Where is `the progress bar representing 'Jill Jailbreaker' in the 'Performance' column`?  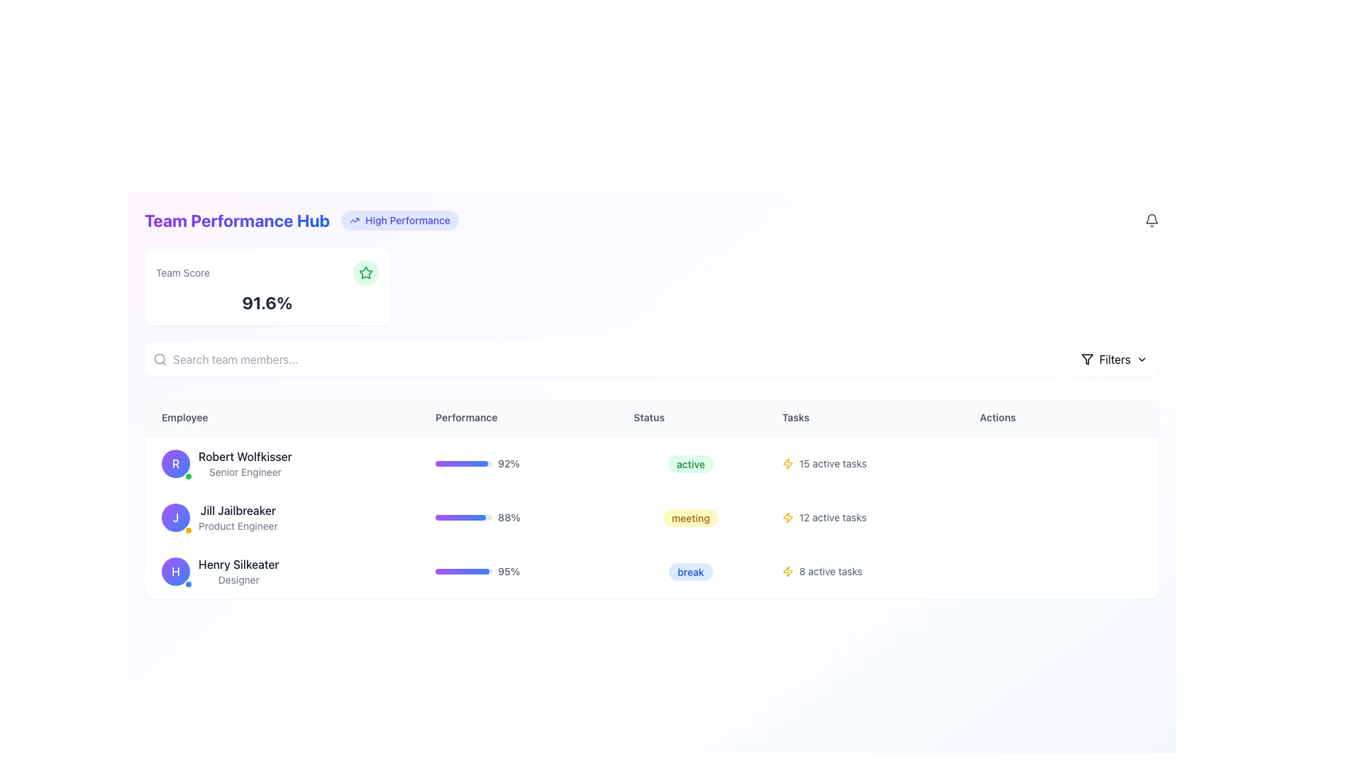 the progress bar representing 'Jill Jailbreaker' in the 'Performance' column is located at coordinates (516, 517).